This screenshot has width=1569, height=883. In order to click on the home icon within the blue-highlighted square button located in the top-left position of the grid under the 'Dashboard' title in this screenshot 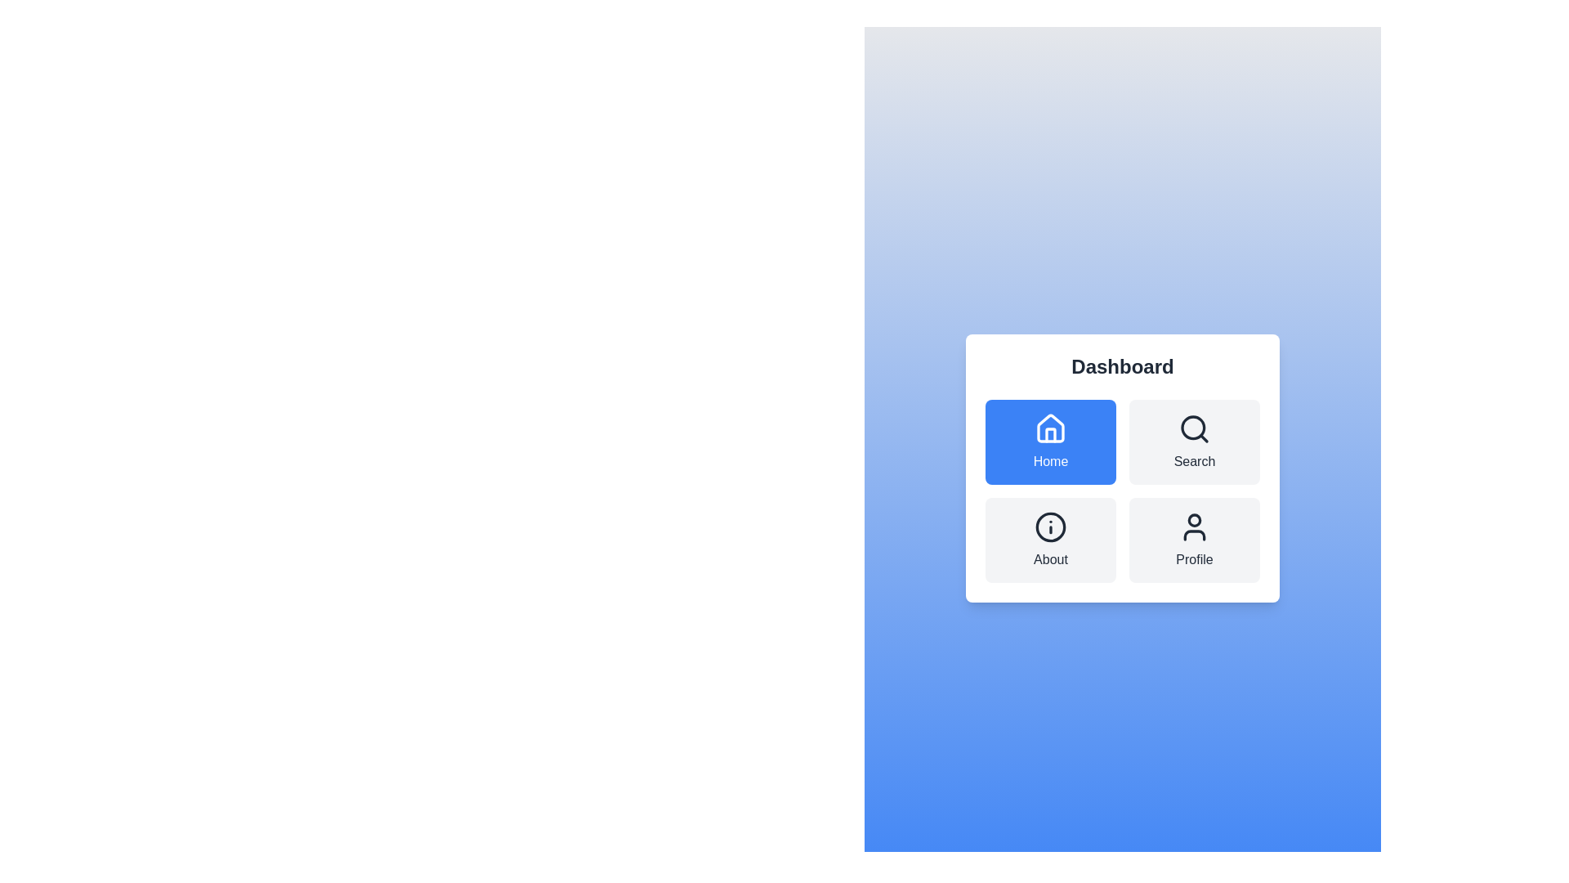, I will do `click(1051, 434)`.